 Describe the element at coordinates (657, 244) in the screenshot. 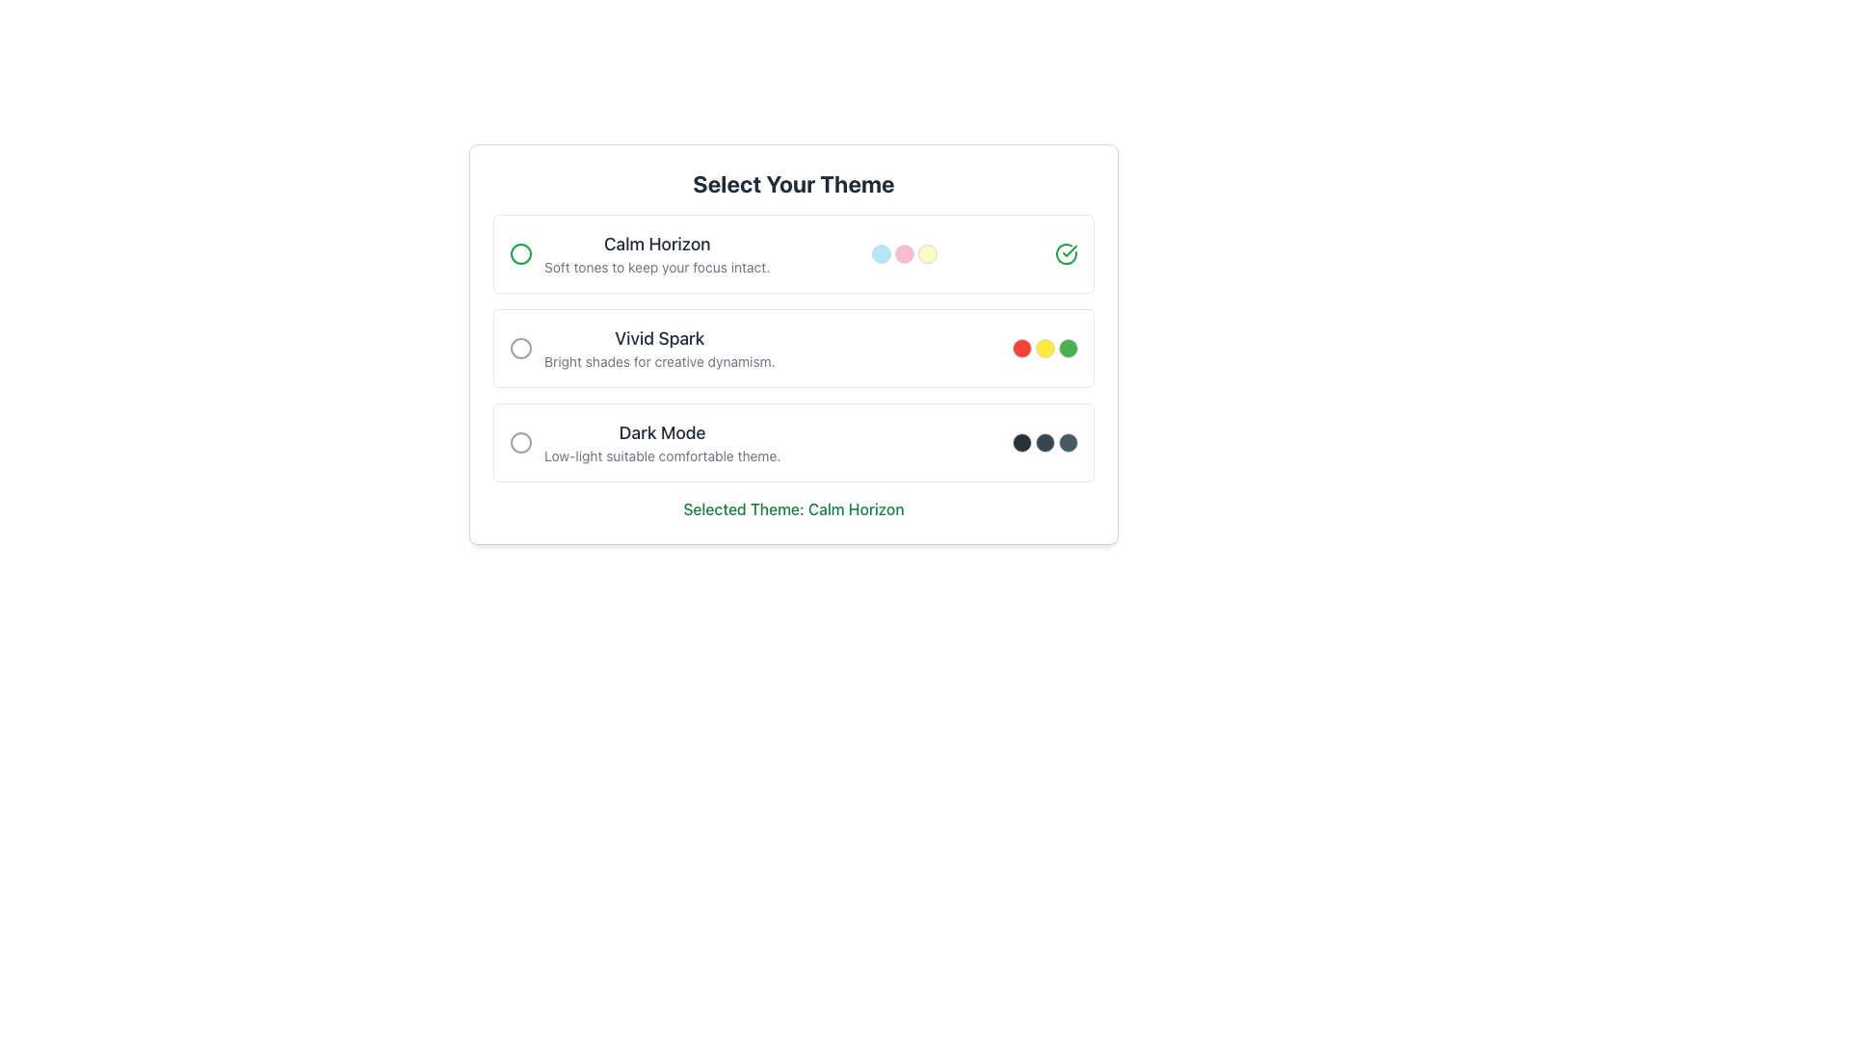

I see `text label displaying 'Calm Horizon' which is located at the top left corner of the selection card, above the descriptive text and adjacent to a green selection indicator` at that location.